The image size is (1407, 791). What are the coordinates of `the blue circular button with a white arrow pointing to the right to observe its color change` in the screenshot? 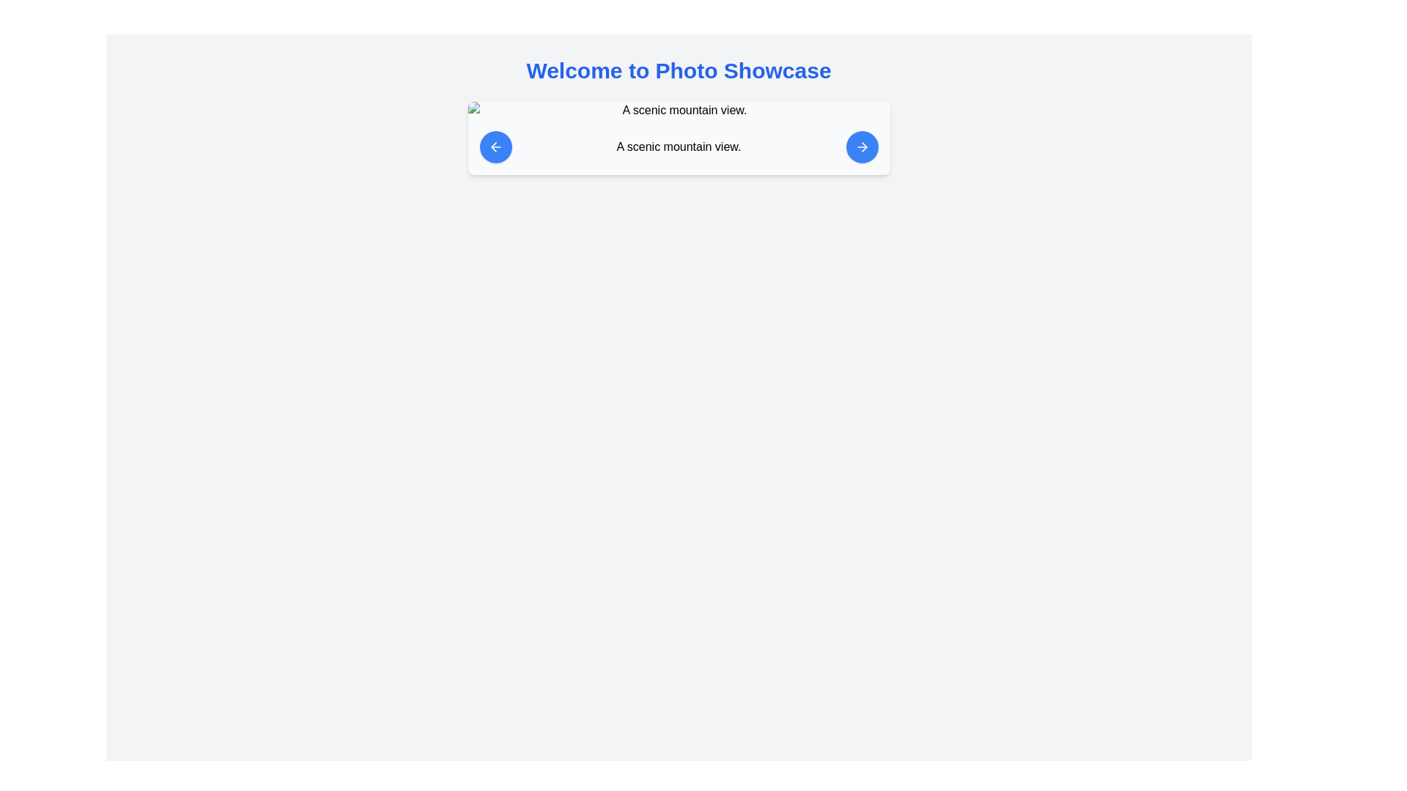 It's located at (862, 146).